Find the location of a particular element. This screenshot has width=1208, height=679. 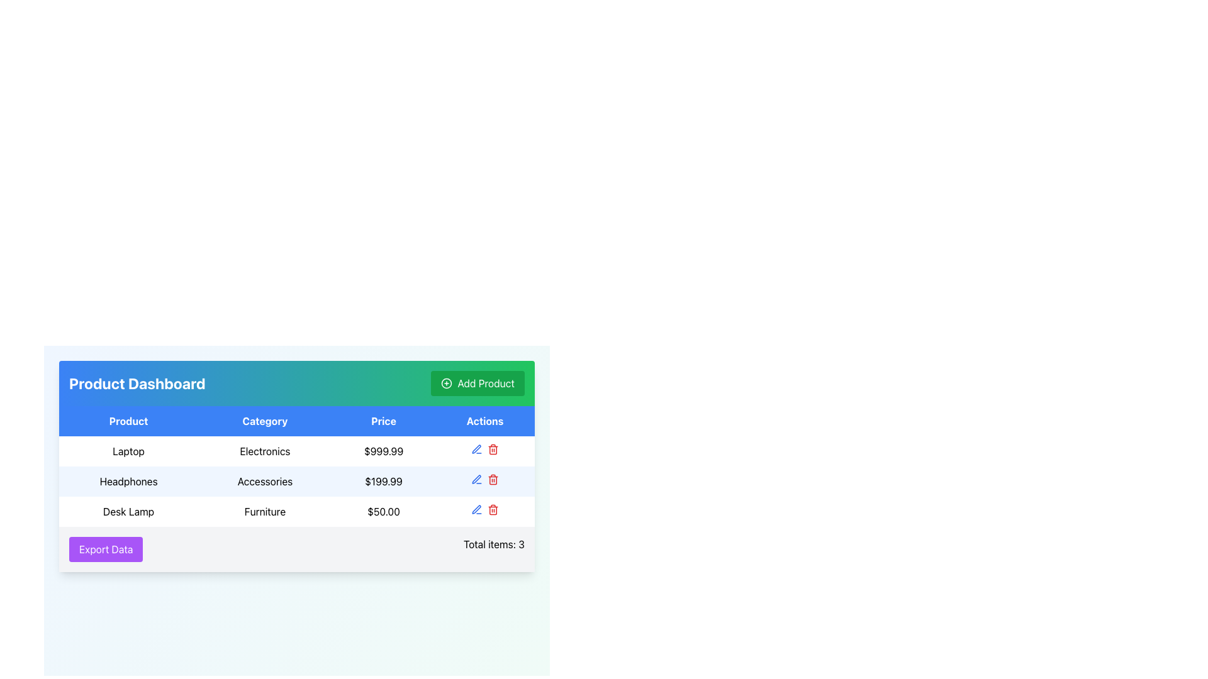

the third row in the 'Product Dashboard' table that displays 'Desk Lamp', 'Furniture', and the price '$50.00' is located at coordinates (296, 511).